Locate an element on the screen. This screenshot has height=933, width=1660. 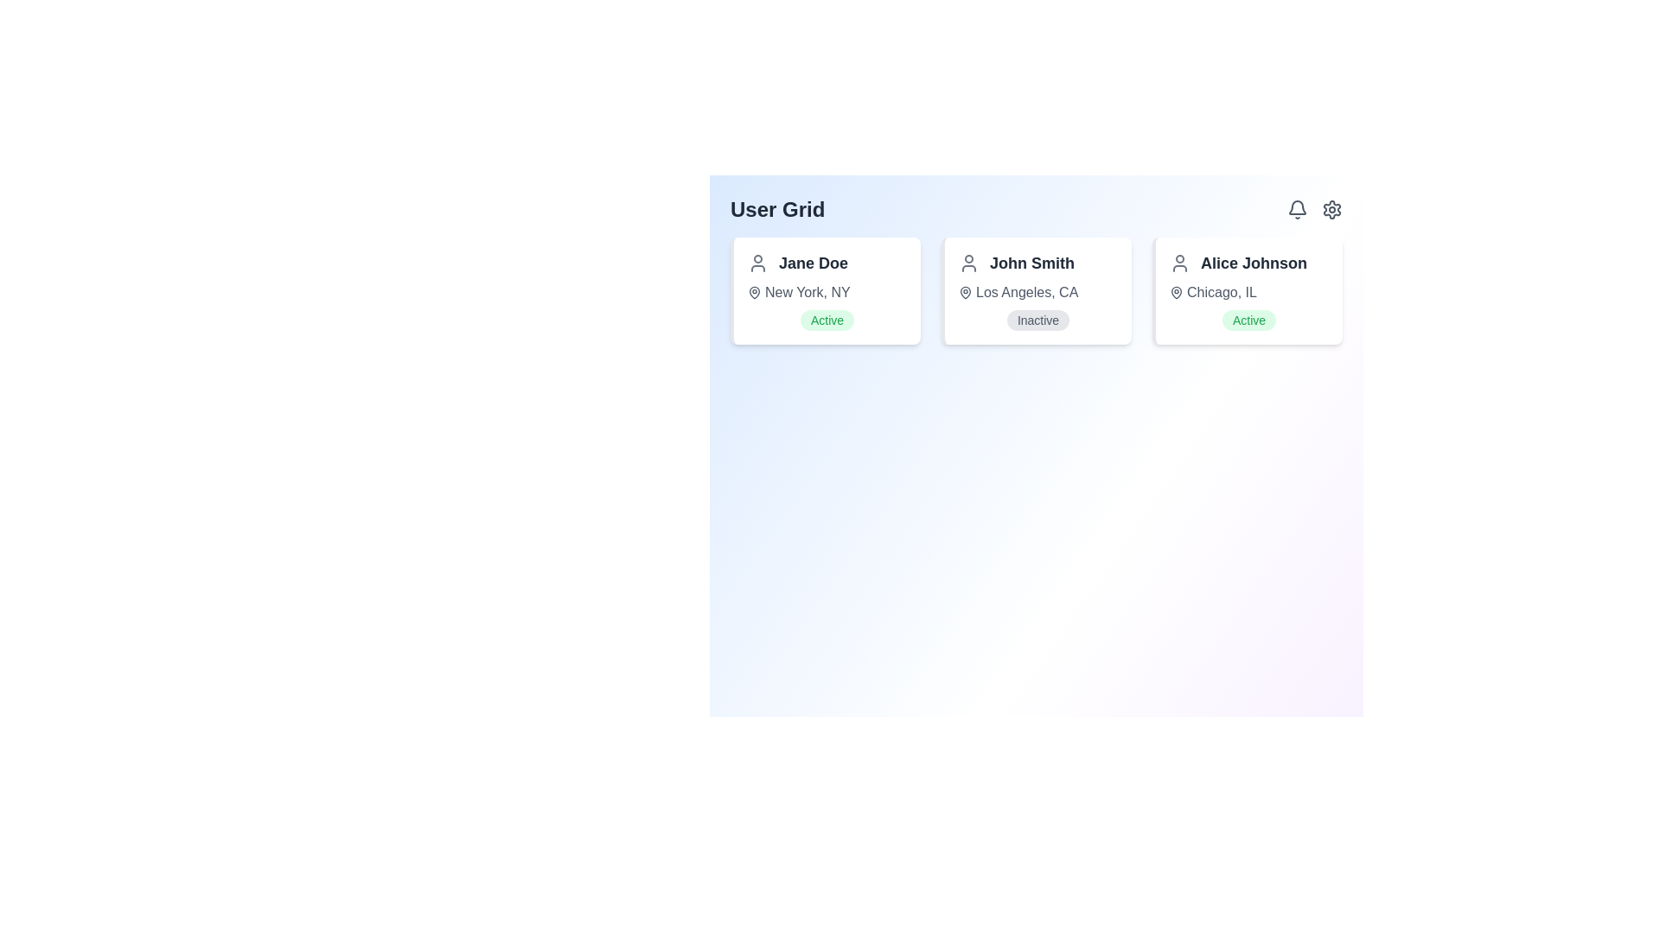
the user figure icon with a gray outline, which is located to the left of the text 'Alice Johnson' in the third user card is located at coordinates (1178, 263).